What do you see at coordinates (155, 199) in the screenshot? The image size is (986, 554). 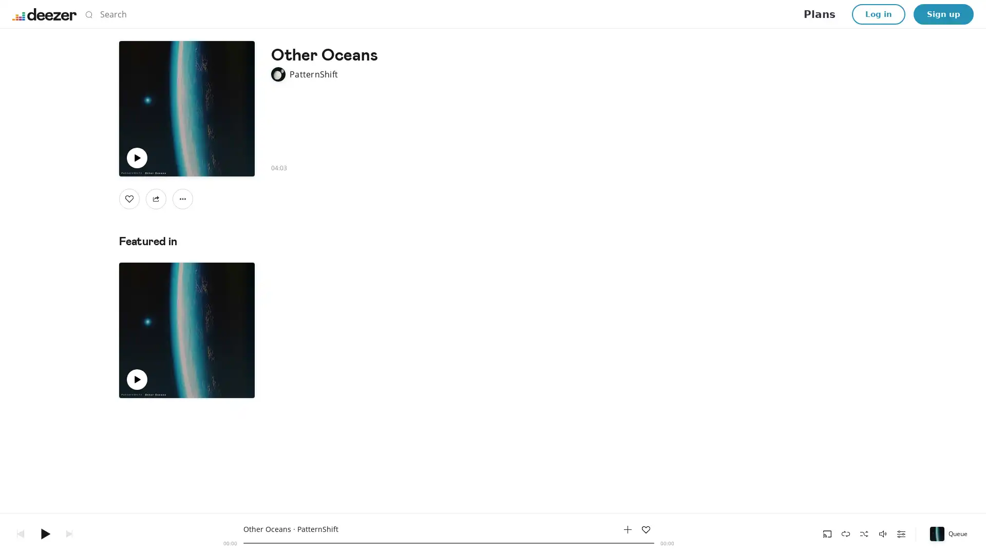 I see `Share` at bounding box center [155, 199].